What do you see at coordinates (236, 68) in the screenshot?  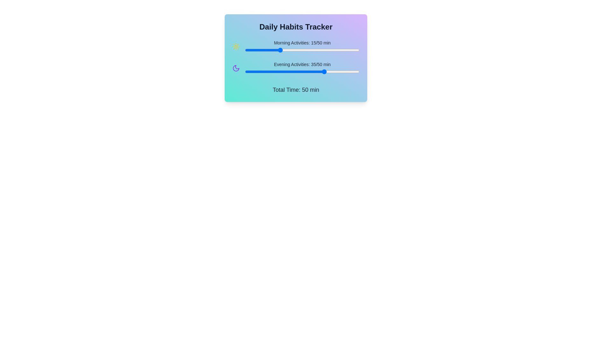 I see `the crescent moon icon with a purple outline, which is the second graphical icon in the list, positioned left of the 'Evening Activities' label` at bounding box center [236, 68].